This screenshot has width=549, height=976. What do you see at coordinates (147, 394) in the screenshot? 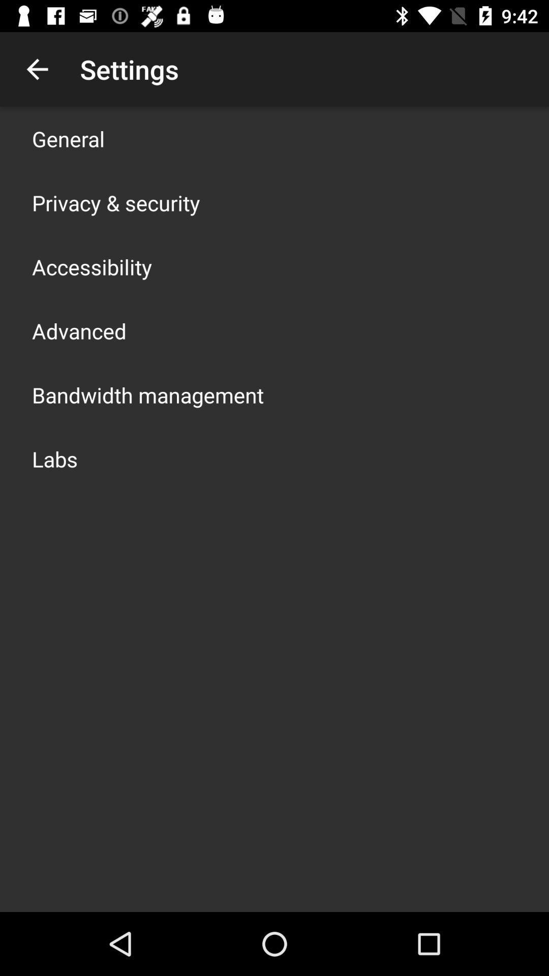
I see `the item above labs icon` at bounding box center [147, 394].